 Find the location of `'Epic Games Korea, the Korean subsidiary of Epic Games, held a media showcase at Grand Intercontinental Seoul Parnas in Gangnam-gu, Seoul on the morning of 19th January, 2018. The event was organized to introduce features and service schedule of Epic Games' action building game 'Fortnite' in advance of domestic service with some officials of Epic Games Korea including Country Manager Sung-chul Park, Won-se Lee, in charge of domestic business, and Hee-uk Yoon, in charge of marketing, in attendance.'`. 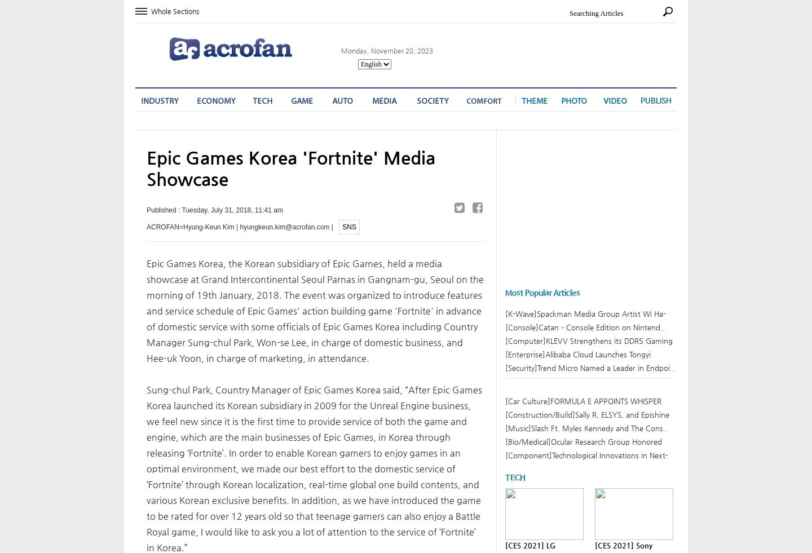

'Epic Games Korea, the Korean subsidiary of Epic Games, held a media showcase at Grand Intercontinental Seoul Parnas in Gangnam-gu, Seoul on the morning of 19th January, 2018. The event was organized to introduce features and service schedule of Epic Games' action building game 'Fortnite' in advance of domestic service with some officials of Epic Games Korea including Country Manager Sung-chul Park, Won-se Lee, in charge of domestic business, and Hee-uk Yoon, in charge of marketing, in attendance.' is located at coordinates (146, 310).